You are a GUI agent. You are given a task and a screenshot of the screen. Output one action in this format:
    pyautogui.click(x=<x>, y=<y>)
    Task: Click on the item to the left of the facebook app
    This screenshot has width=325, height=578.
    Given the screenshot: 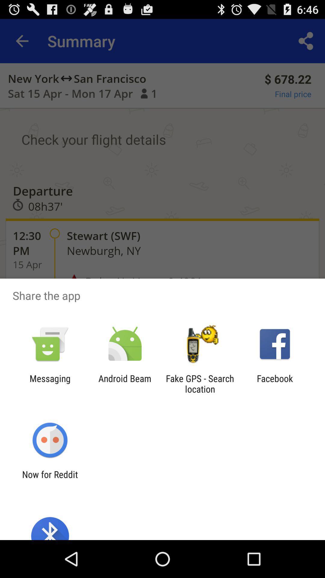 What is the action you would take?
    pyautogui.click(x=200, y=384)
    